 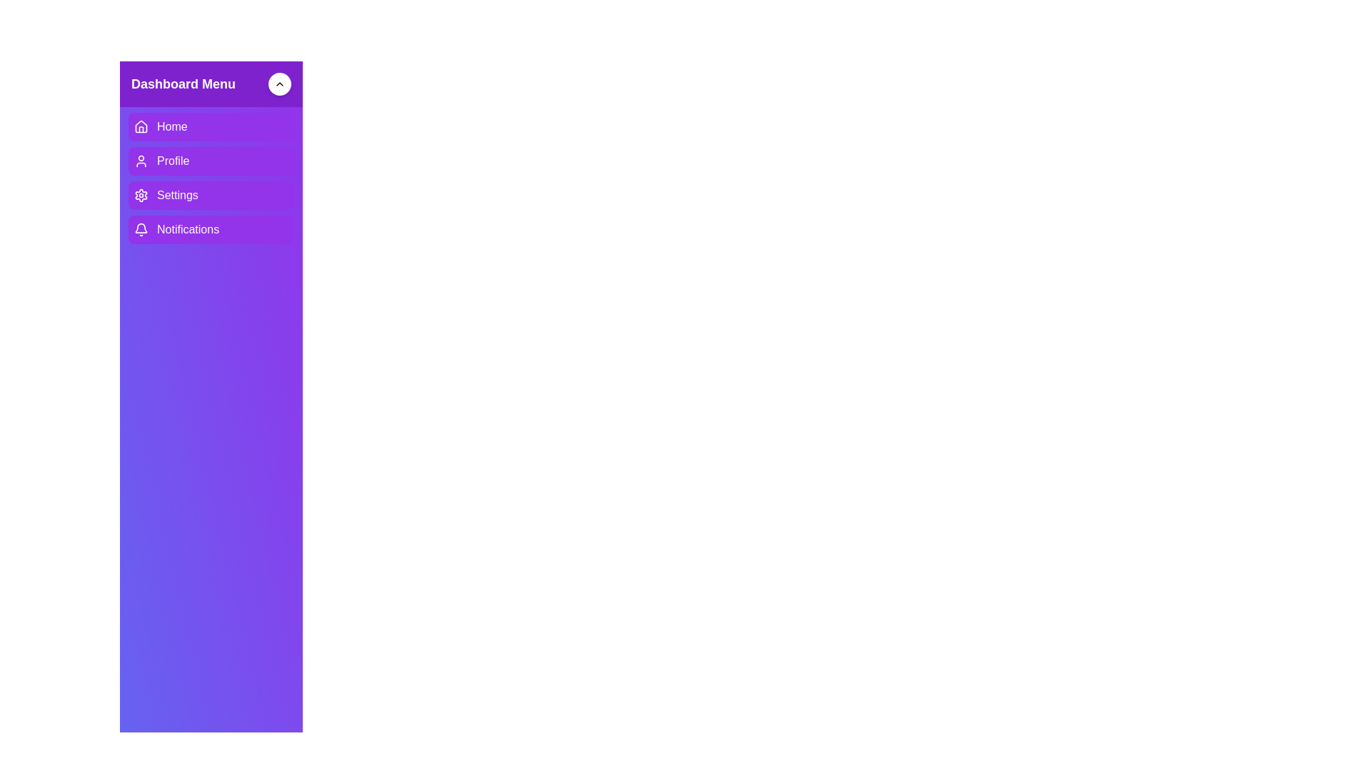 I want to click on the 'Settings' menu item with a purple background in the vertical navigation sidebar, which is the third item in the list, so click(x=211, y=195).